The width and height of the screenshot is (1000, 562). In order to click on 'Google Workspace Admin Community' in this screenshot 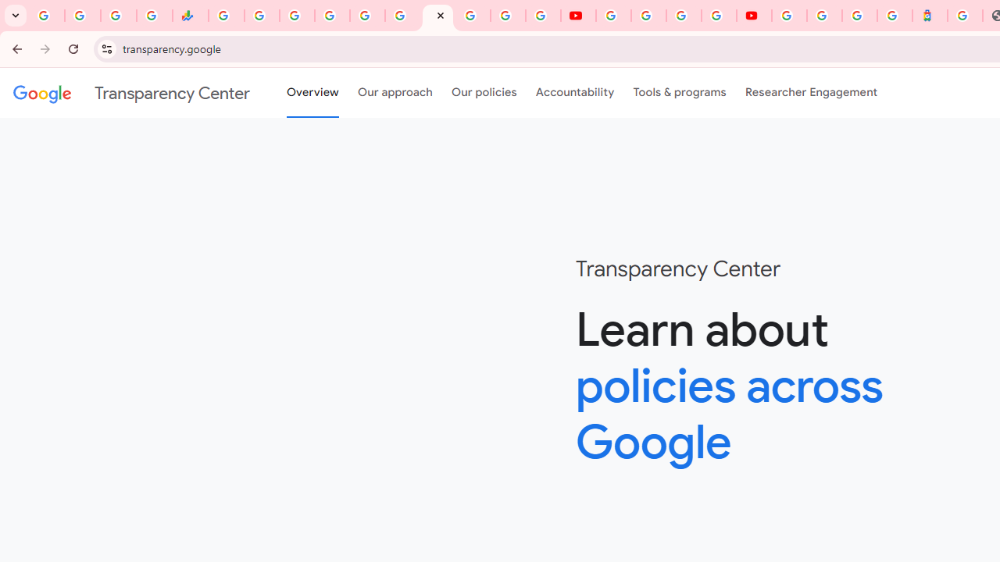, I will do `click(47, 16)`.